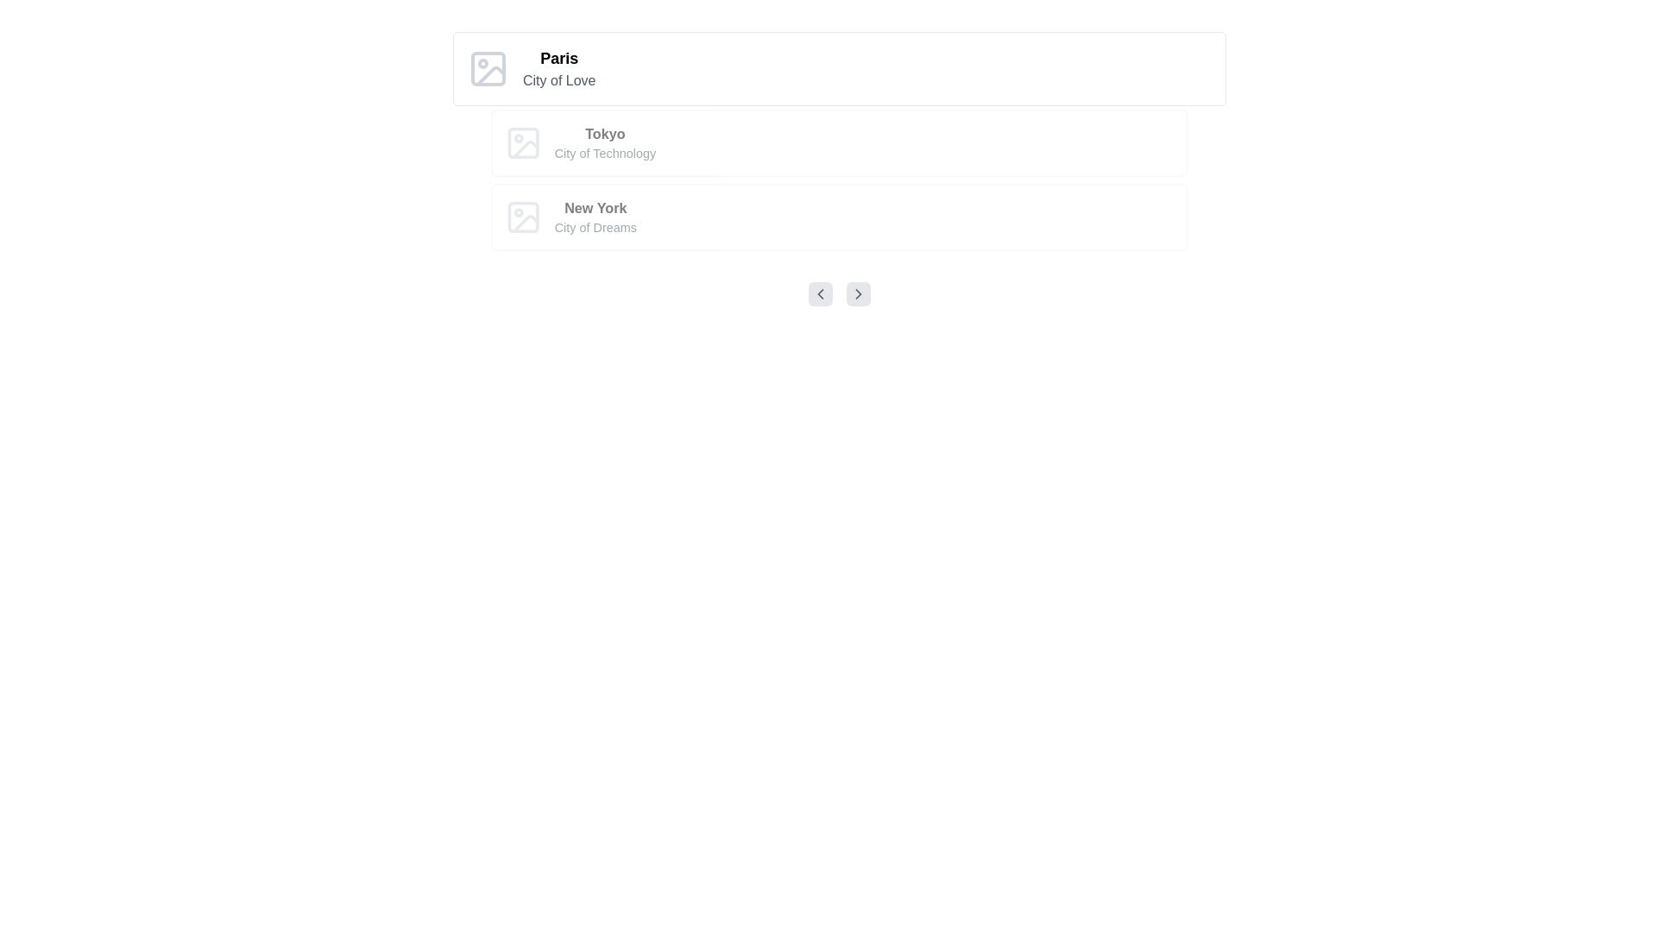 Image resolution: width=1657 pixels, height=932 pixels. Describe the element at coordinates (559, 80) in the screenshot. I see `the text label reading 'City of Love', which is styled in gray and positioned below the bold title 'Paris'` at that location.